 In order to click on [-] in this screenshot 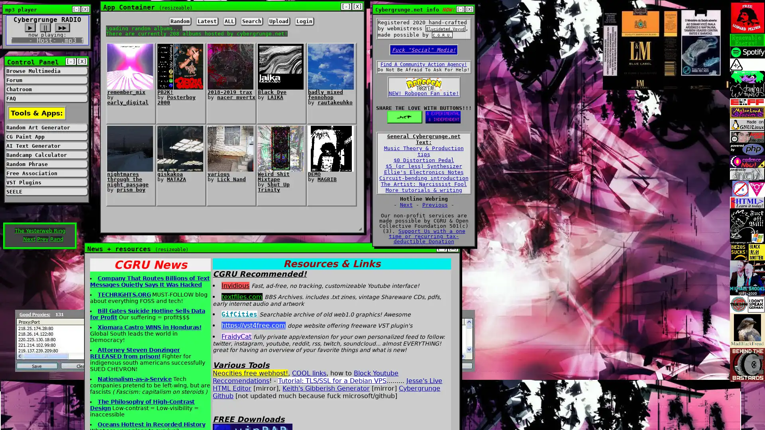, I will do `click(441, 248)`.